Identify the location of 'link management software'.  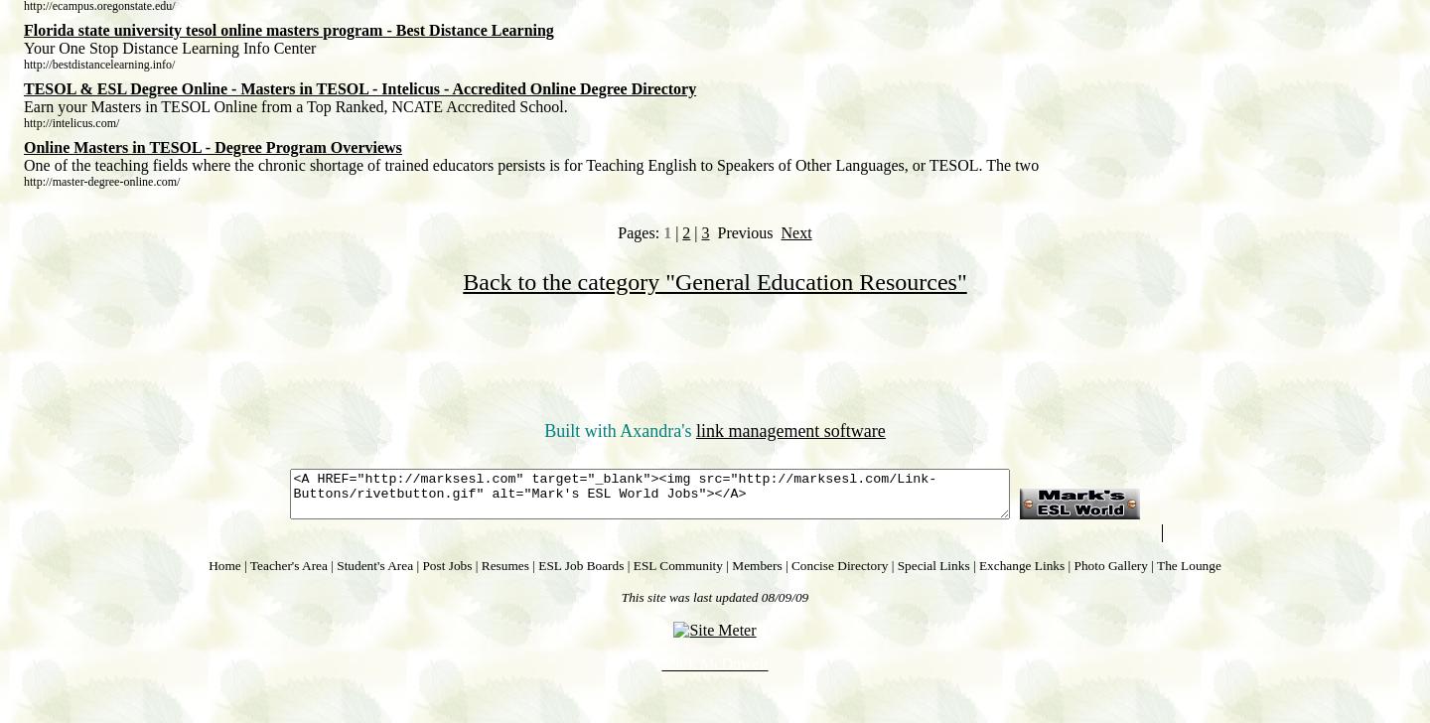
(694, 431).